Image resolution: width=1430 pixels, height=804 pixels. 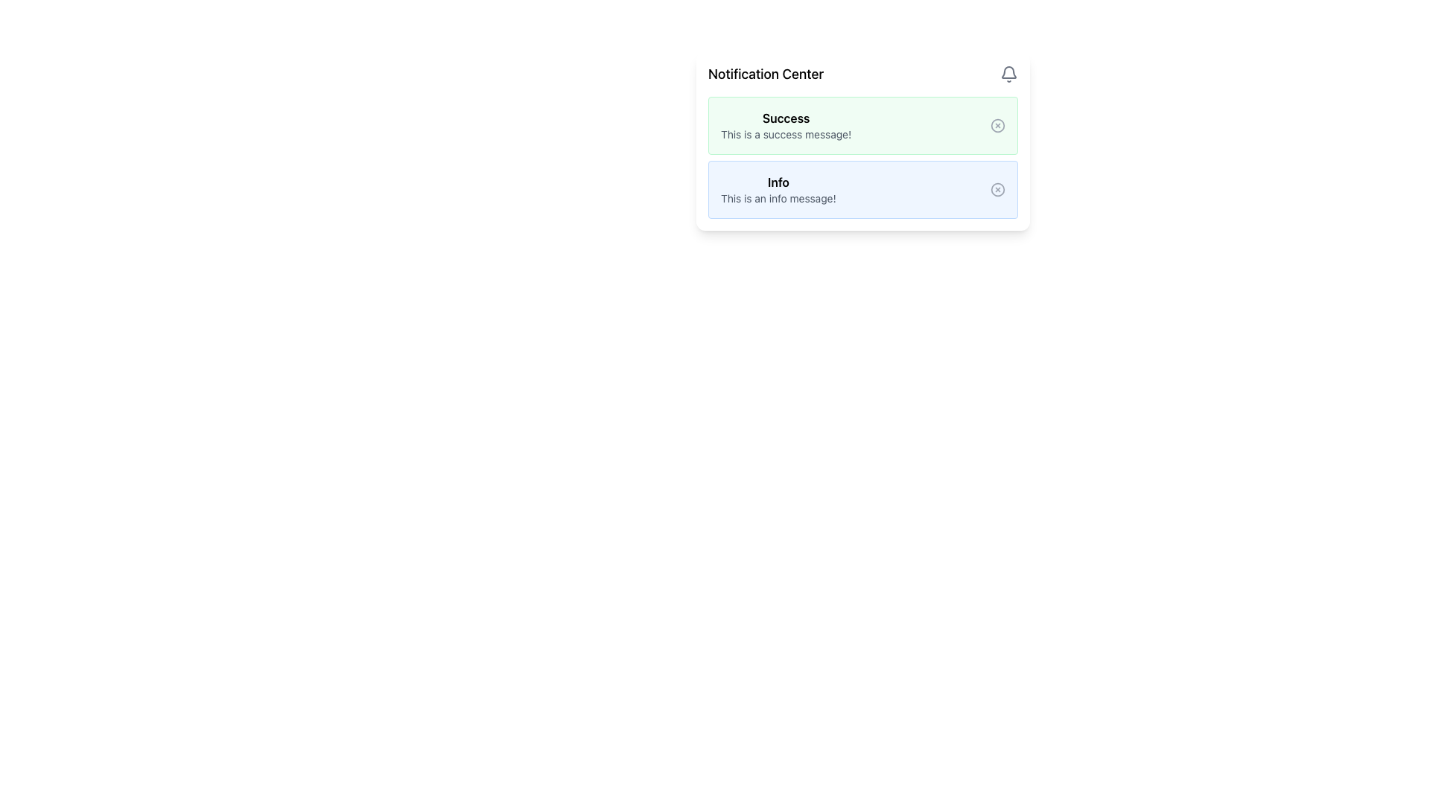 What do you see at coordinates (997, 188) in the screenshot?
I see `the interactive button located to the right of the text content inside the 'Info' notification box` at bounding box center [997, 188].